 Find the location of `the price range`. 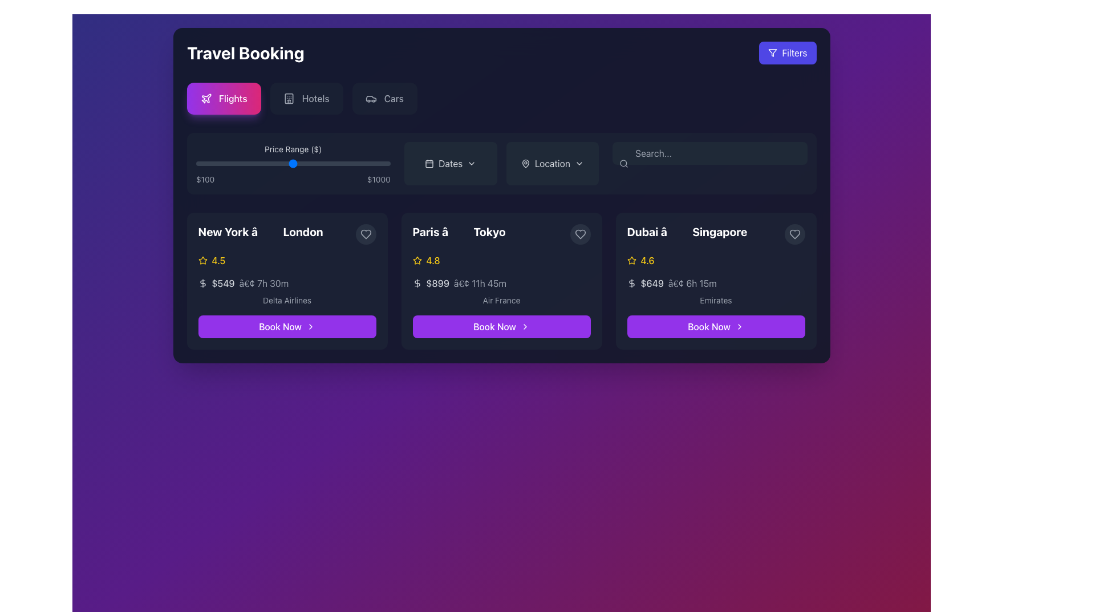

the price range is located at coordinates (303, 163).